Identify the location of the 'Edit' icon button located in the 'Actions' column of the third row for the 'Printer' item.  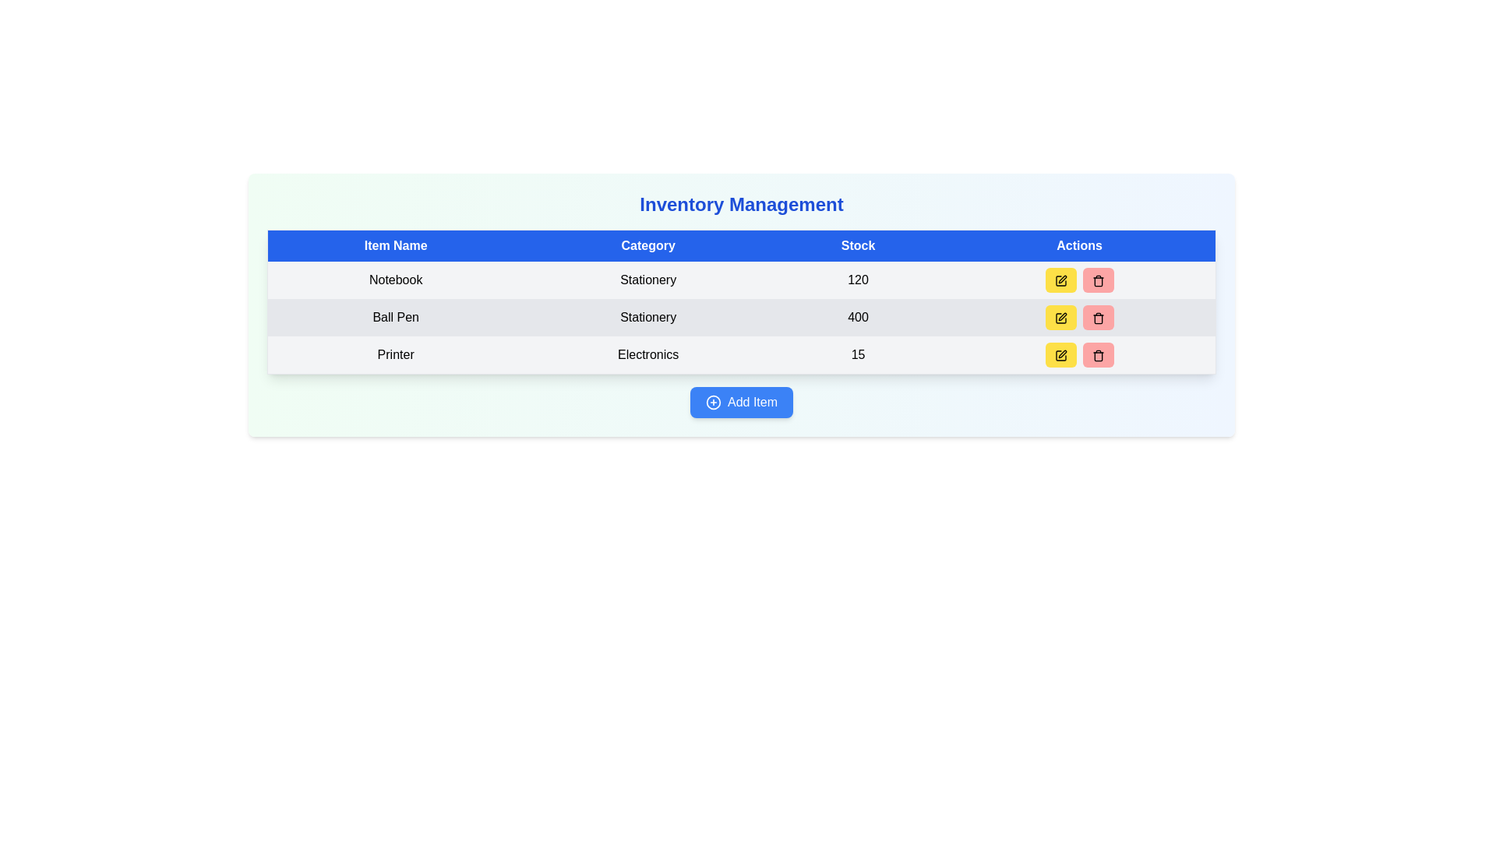
(1061, 354).